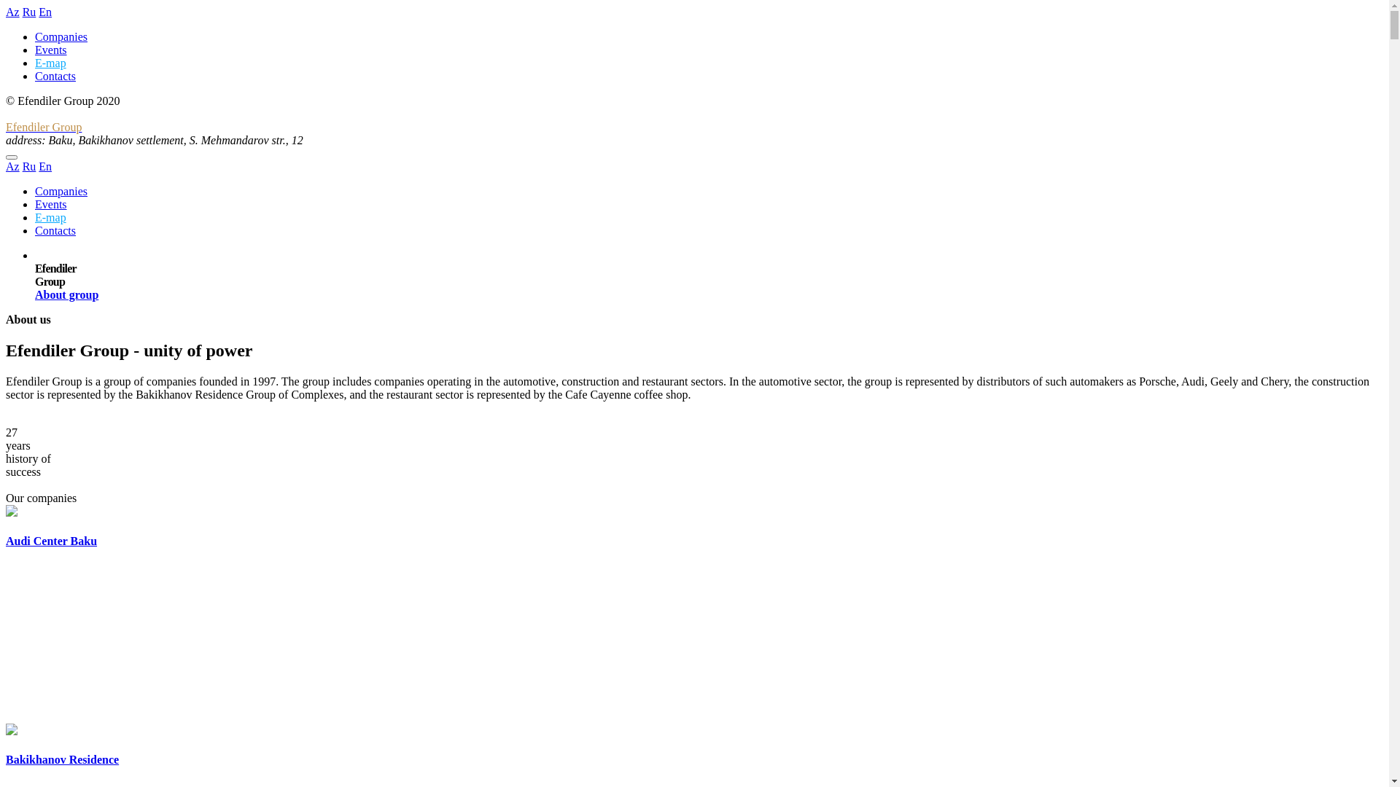 The height and width of the screenshot is (787, 1400). What do you see at coordinates (6, 745) in the screenshot?
I see `'Bakikhanov Residence'` at bounding box center [6, 745].